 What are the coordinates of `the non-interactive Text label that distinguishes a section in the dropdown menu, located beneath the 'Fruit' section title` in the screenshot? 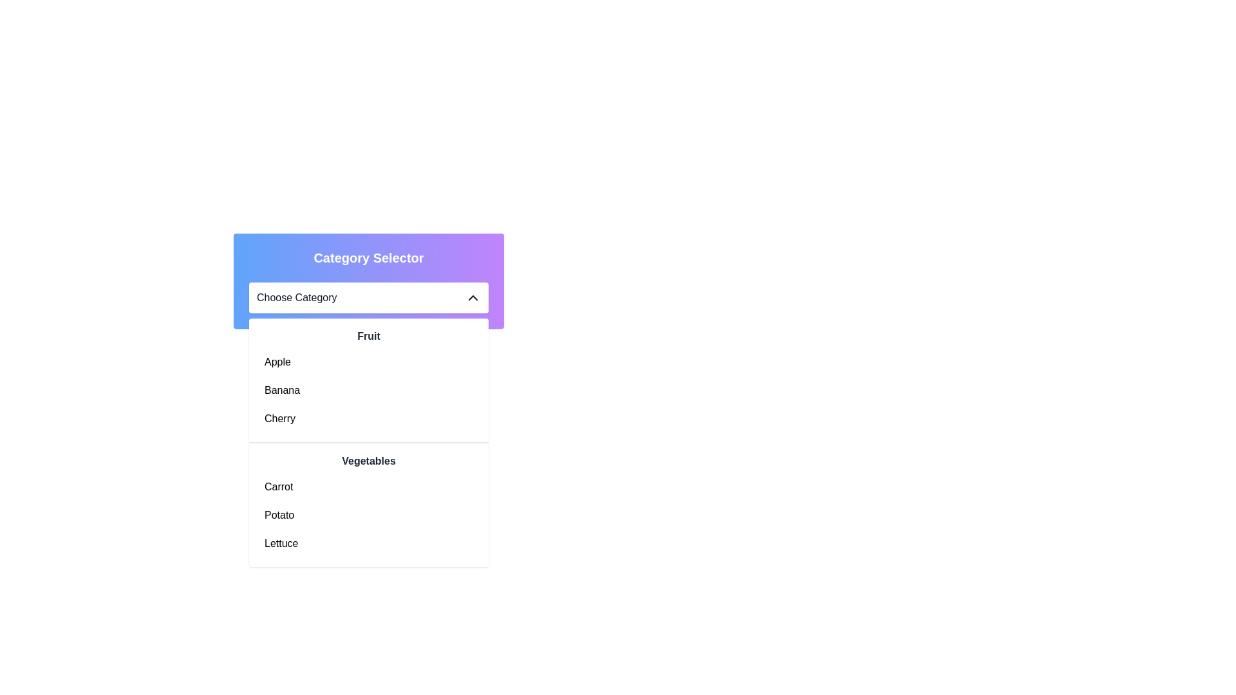 It's located at (368, 461).